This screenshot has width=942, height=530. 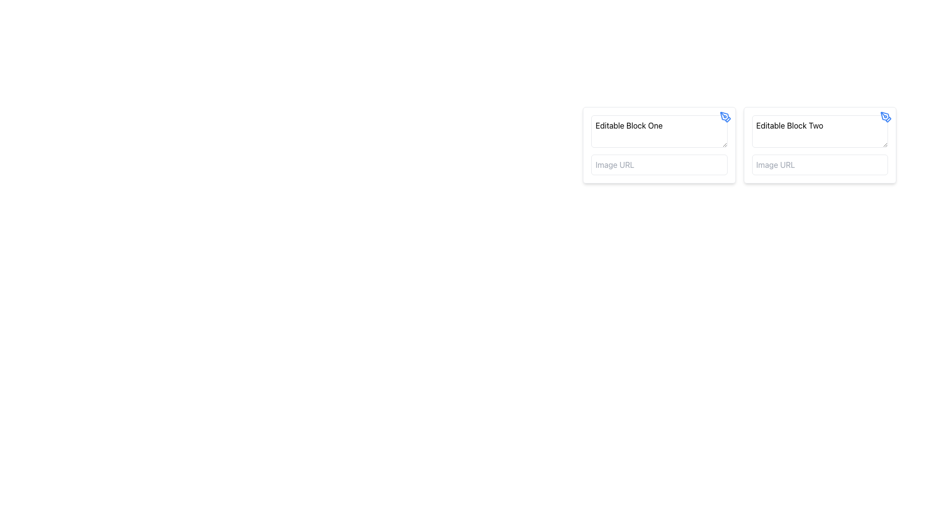 I want to click on the small blue pen tool icon located in the top-right corner of the Editable Block One box, so click(x=725, y=117).